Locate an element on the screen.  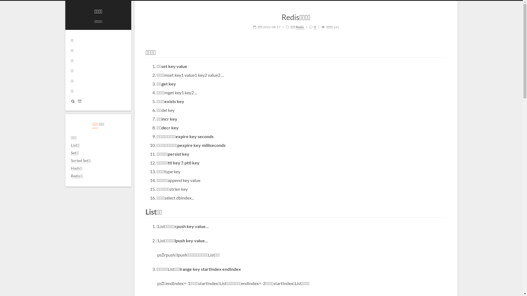
'0' is located at coordinates (315, 27).